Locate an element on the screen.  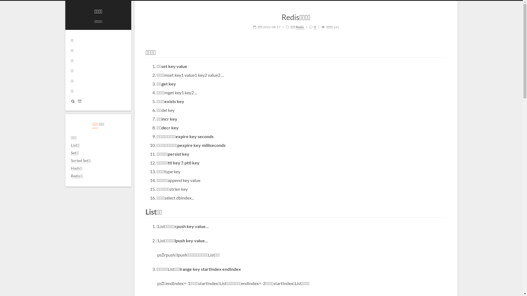
'0' is located at coordinates (315, 27).